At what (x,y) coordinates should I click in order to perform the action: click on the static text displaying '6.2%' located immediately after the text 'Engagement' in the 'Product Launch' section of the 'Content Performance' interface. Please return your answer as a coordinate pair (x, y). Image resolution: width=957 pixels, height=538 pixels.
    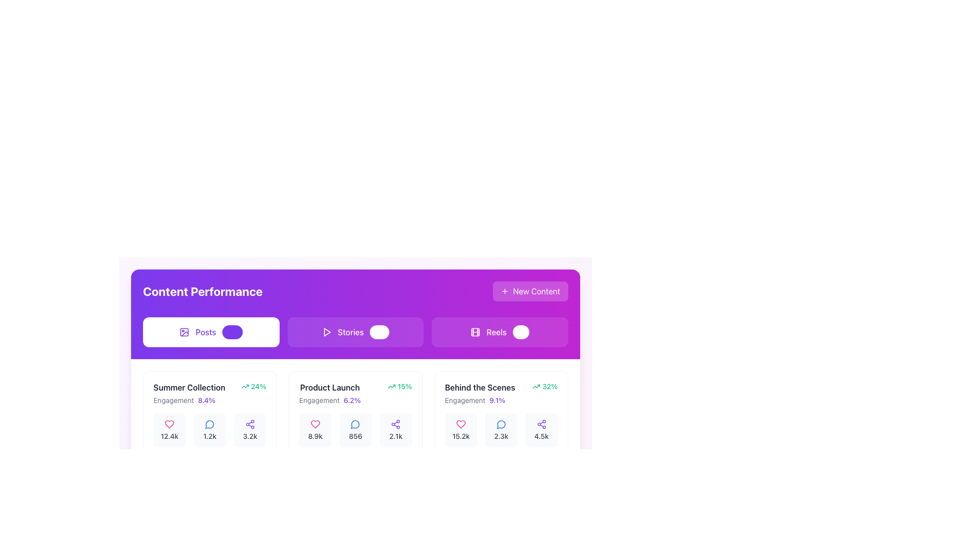
    Looking at the image, I should click on (352, 400).